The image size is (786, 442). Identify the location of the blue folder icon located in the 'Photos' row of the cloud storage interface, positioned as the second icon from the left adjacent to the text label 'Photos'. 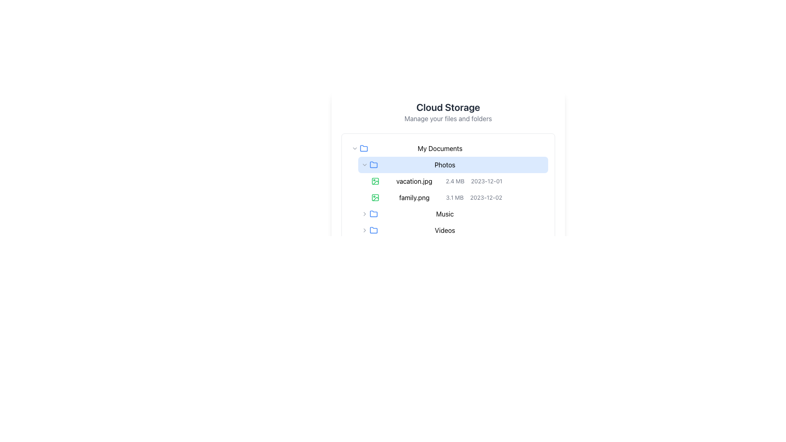
(373, 165).